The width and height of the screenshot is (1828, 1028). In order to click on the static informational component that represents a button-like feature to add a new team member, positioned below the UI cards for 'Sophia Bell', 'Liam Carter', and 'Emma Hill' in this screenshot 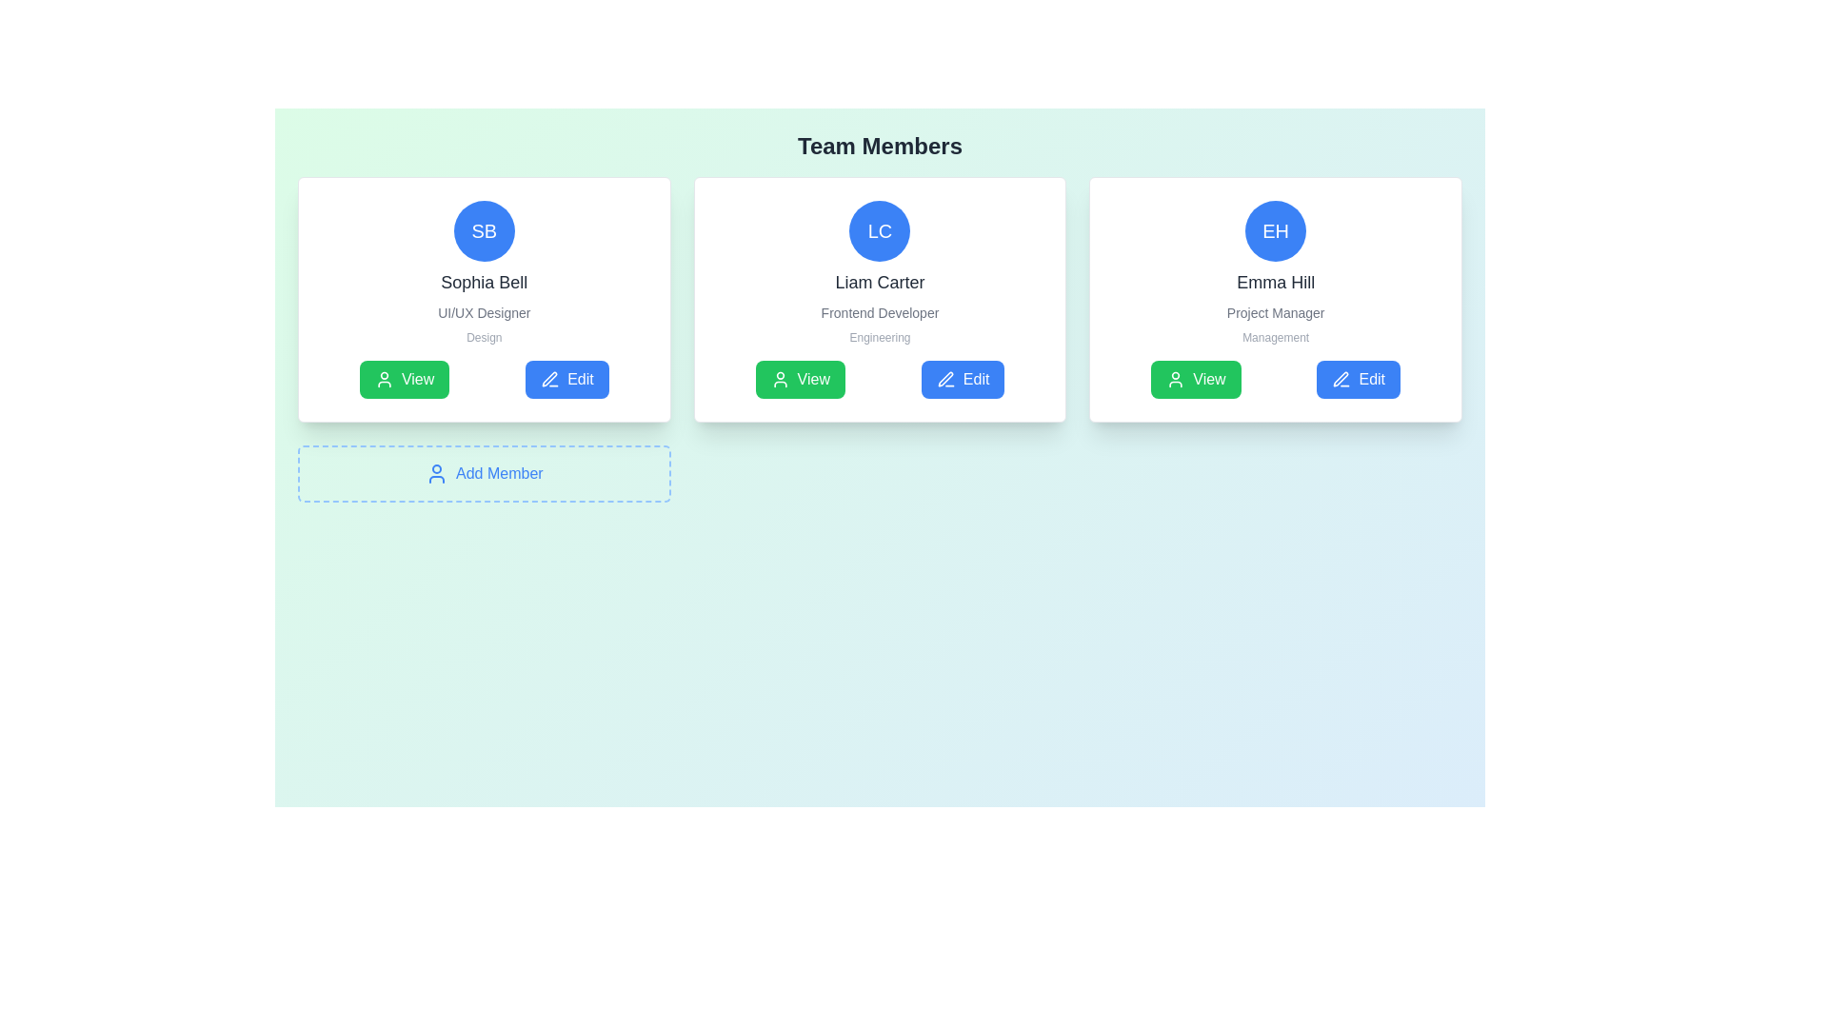, I will do `click(484, 472)`.